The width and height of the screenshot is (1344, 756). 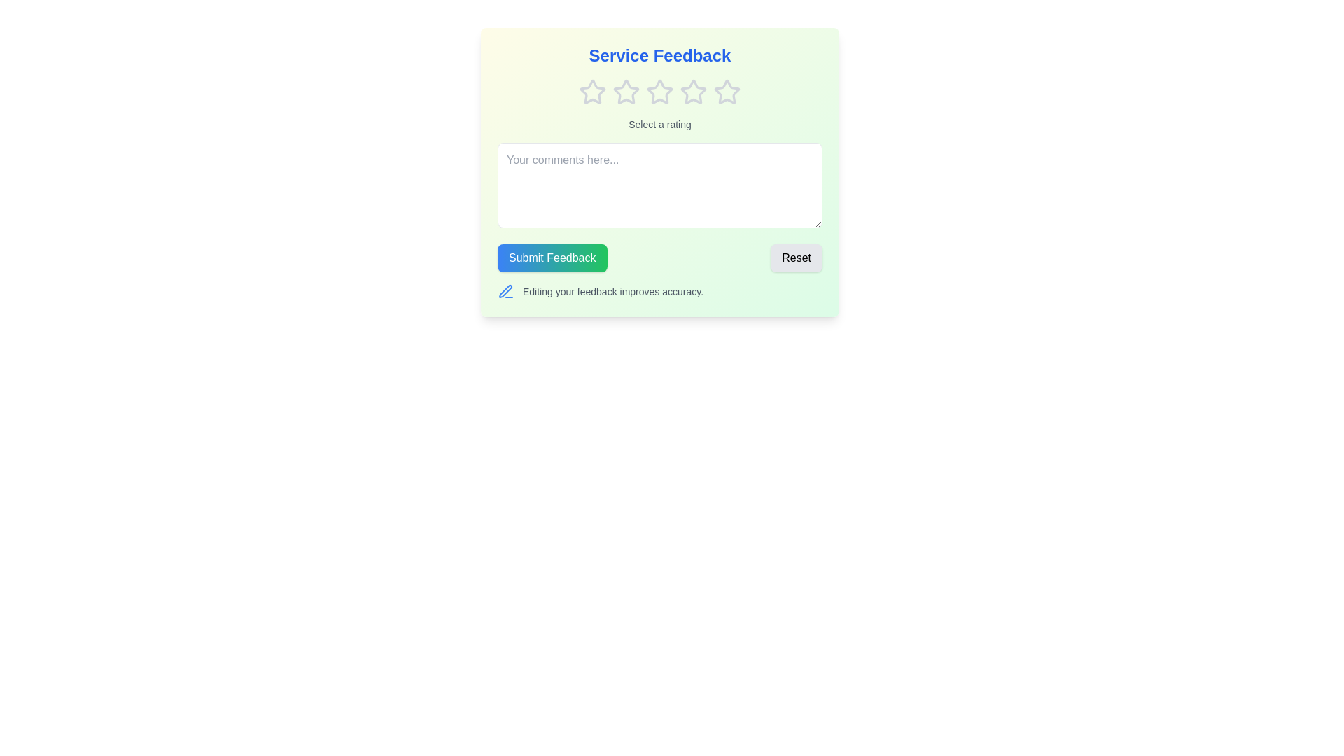 I want to click on the middle rating star icon, which is a star-shaped icon with a thin gray outline, positioned in the third position among five identical stars in a horizontal row on the feedback form interface, so click(x=659, y=92).